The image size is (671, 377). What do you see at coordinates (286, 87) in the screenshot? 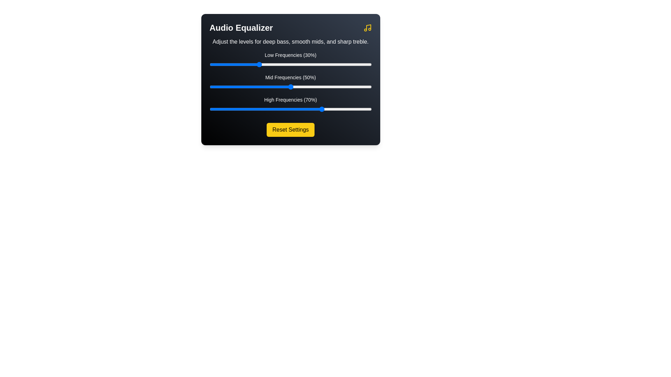
I see `the mid frequency slider to 47%` at bounding box center [286, 87].